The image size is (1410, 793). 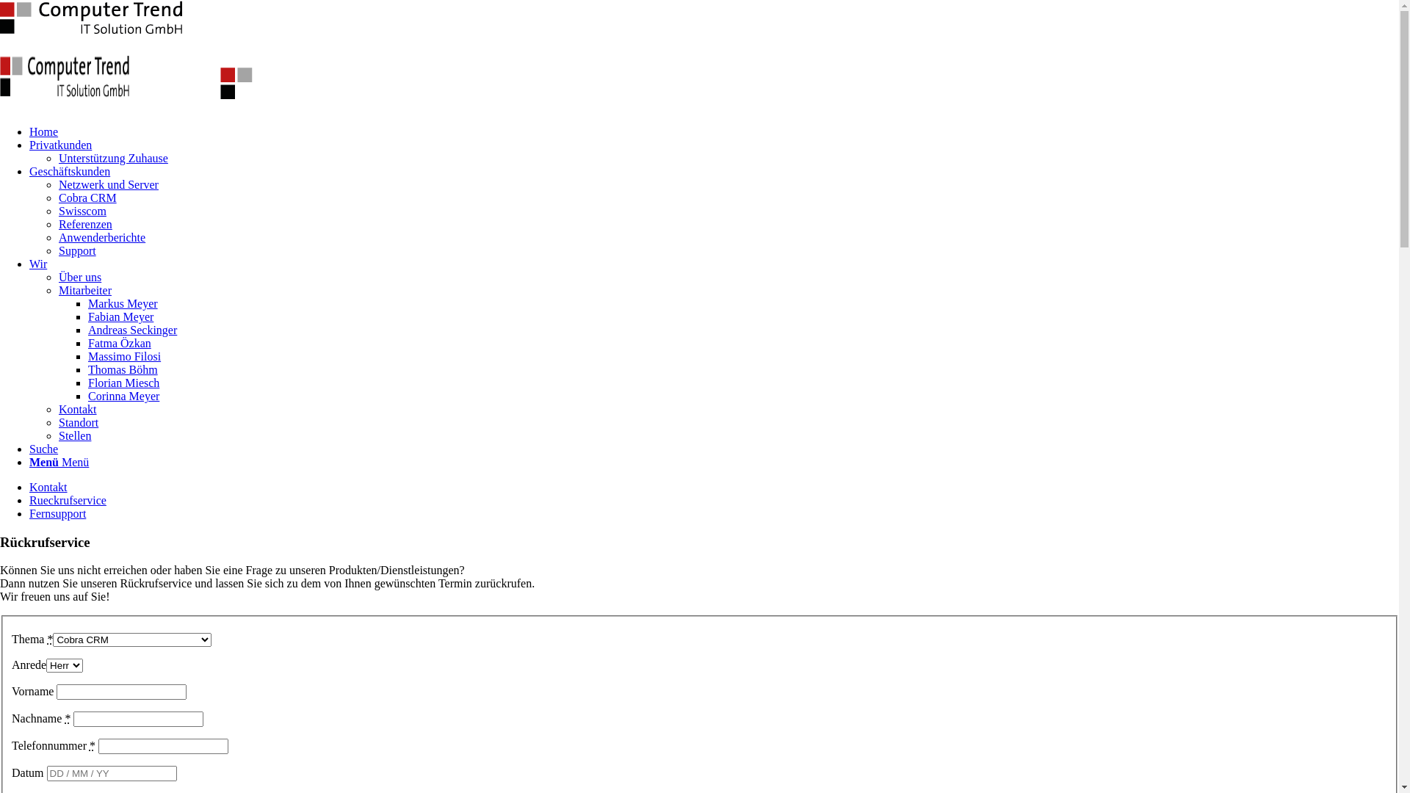 I want to click on 'Suche', so click(x=43, y=448).